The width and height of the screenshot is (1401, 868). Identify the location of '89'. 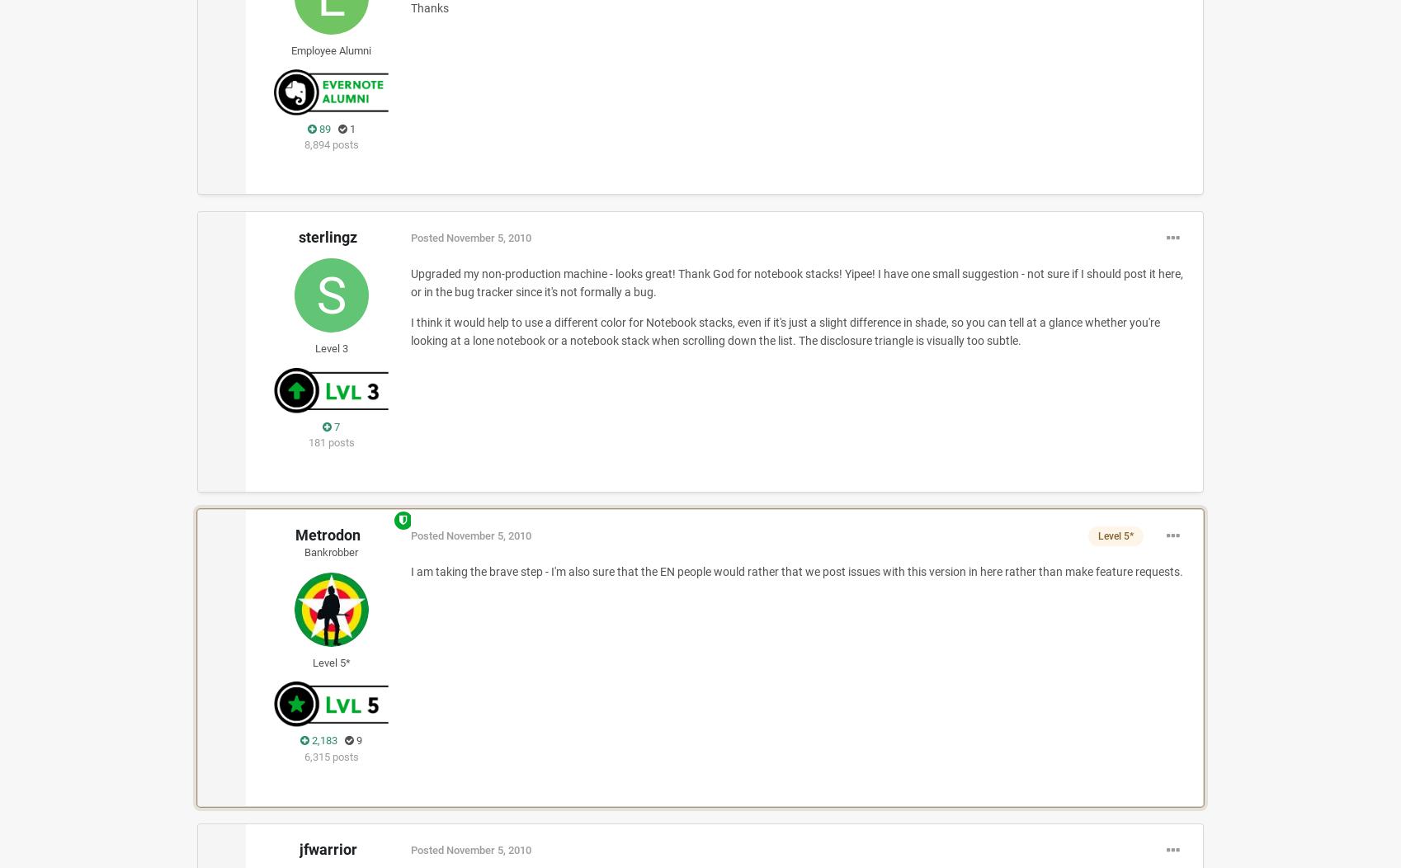
(323, 127).